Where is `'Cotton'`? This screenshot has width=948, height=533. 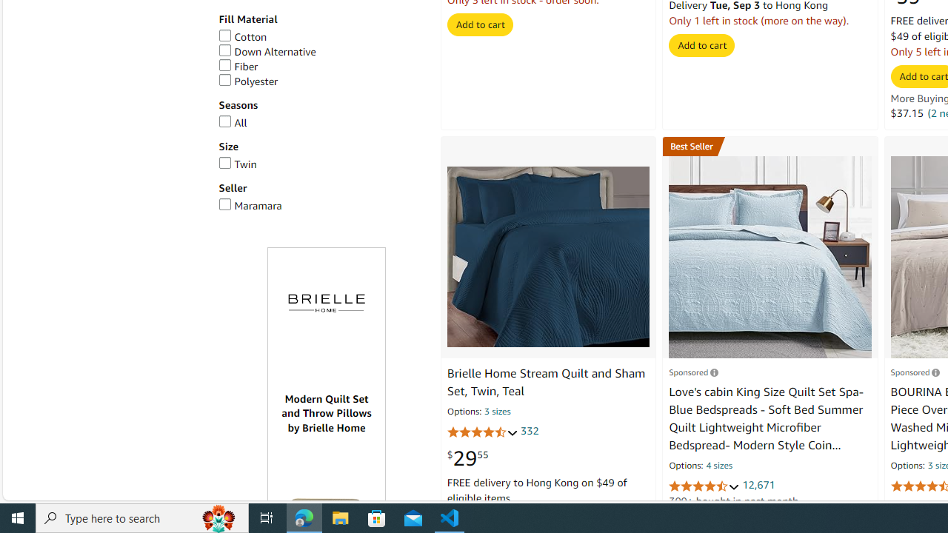 'Cotton' is located at coordinates (321, 36).